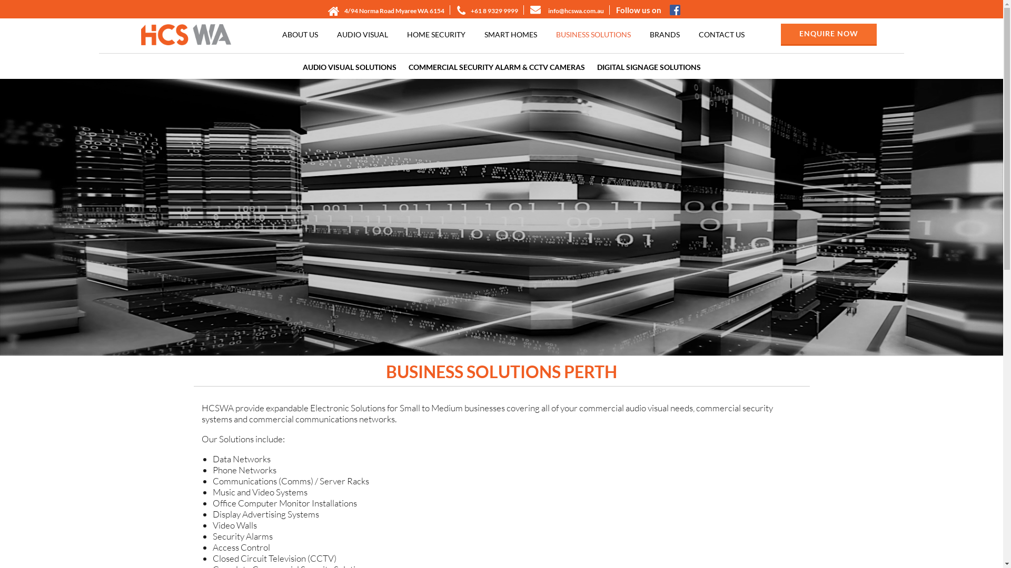  What do you see at coordinates (470, 11) in the screenshot?
I see `'+61 8 9329 9999'` at bounding box center [470, 11].